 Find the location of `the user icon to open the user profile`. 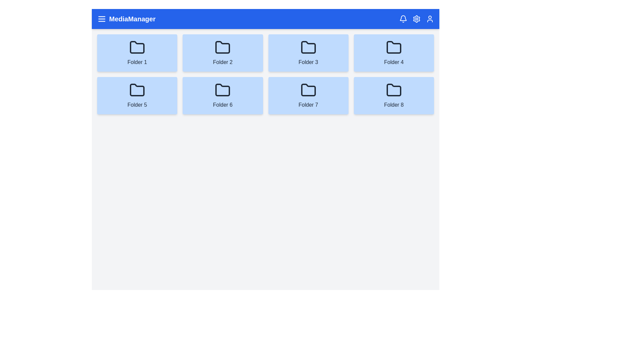

the user icon to open the user profile is located at coordinates (430, 19).